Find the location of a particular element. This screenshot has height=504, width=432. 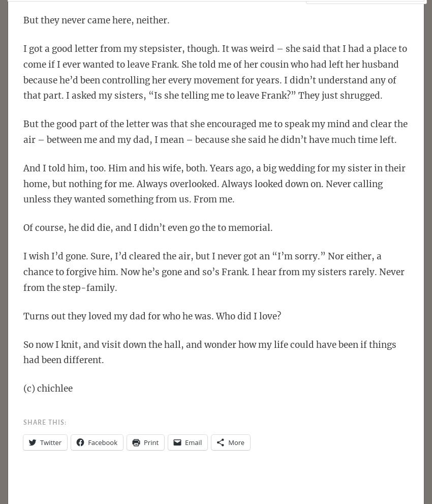

'I wish I’d gone. Sure, I’d cleared the air, but I never got an “I’m sorry.” Nor either, a chance to forgive him. Now he’s gone and so’s Frank. I hear from my sisters rarely. Never from the step-family.' is located at coordinates (214, 272).